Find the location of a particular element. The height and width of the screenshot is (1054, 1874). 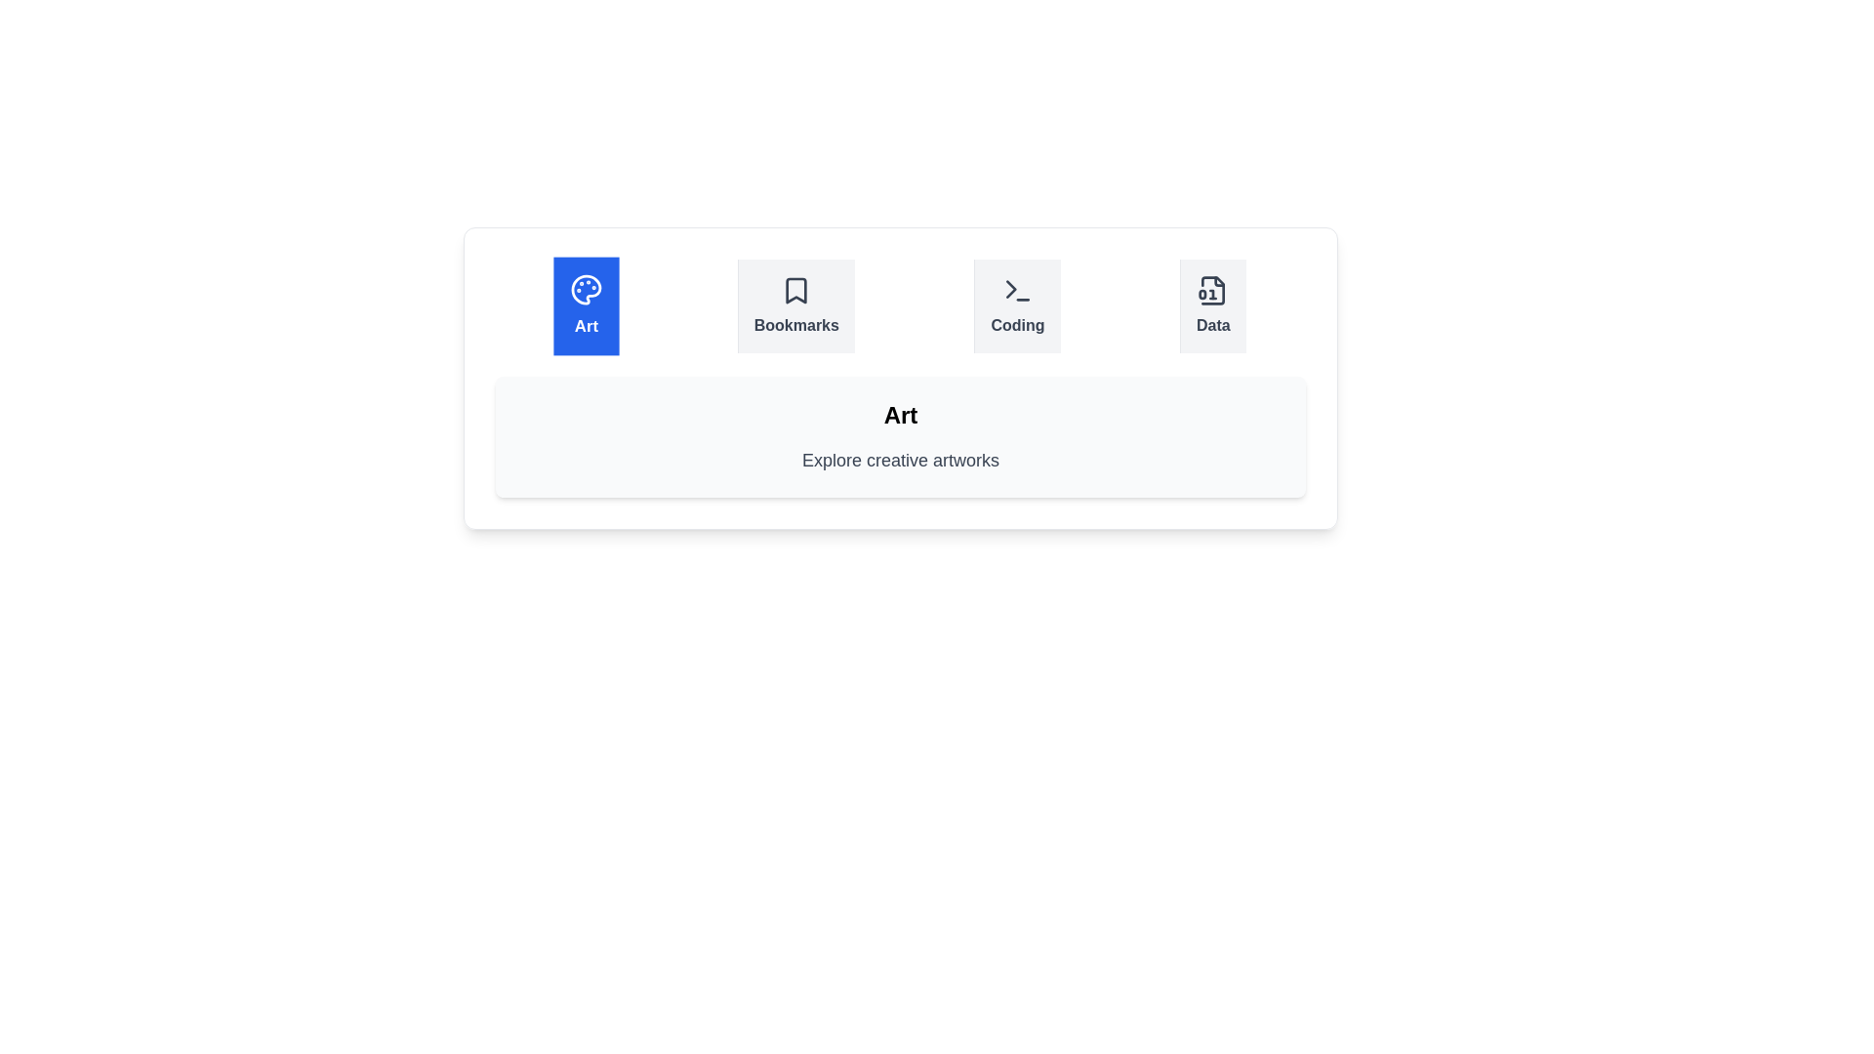

the tab labeled Bookmarks to observe its icon and label is located at coordinates (795, 305).